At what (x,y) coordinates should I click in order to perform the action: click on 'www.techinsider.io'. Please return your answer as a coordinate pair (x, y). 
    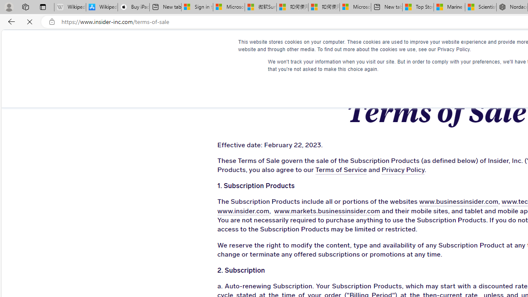
    Looking at the image, I should click on (500, 202).